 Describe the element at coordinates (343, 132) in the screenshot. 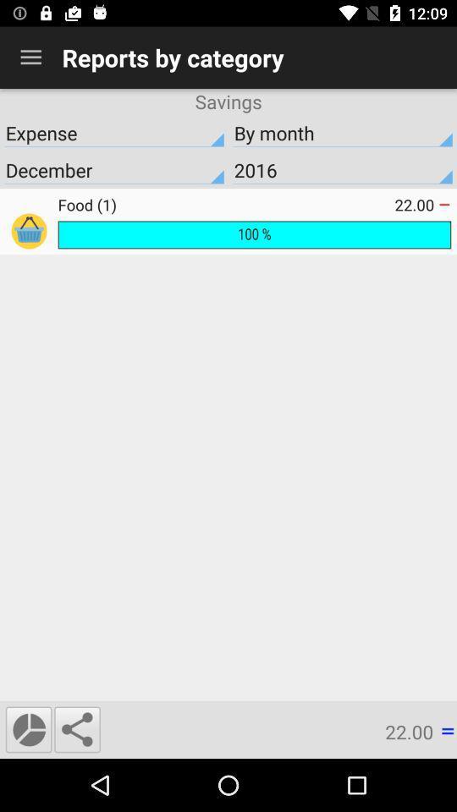

I see `the icon next to the expense item` at that location.